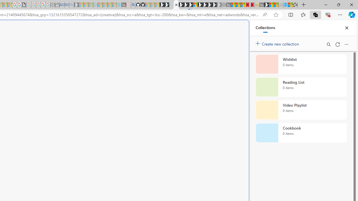  I want to click on 'Create new collection', so click(278, 42).